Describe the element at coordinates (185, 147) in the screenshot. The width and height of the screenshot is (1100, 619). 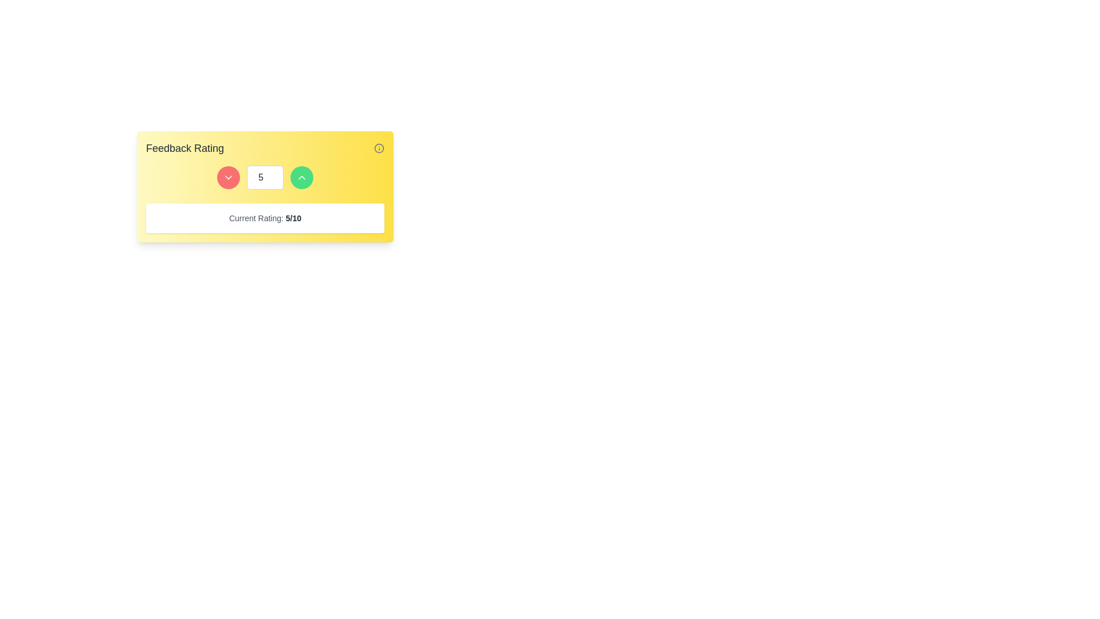
I see `the 'Feedback Rating' text label, which is styled in a large dark gray font and located within a yellow card interface` at that location.